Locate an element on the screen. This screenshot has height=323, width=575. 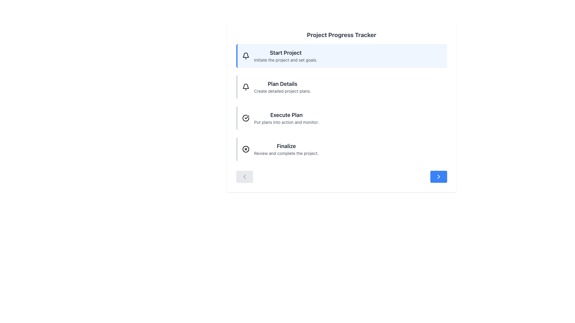
the text display element that shows 'Execute Plan' and 'Put plans into action and monitor', which is the third item in the vertical list of items is located at coordinates (286, 118).